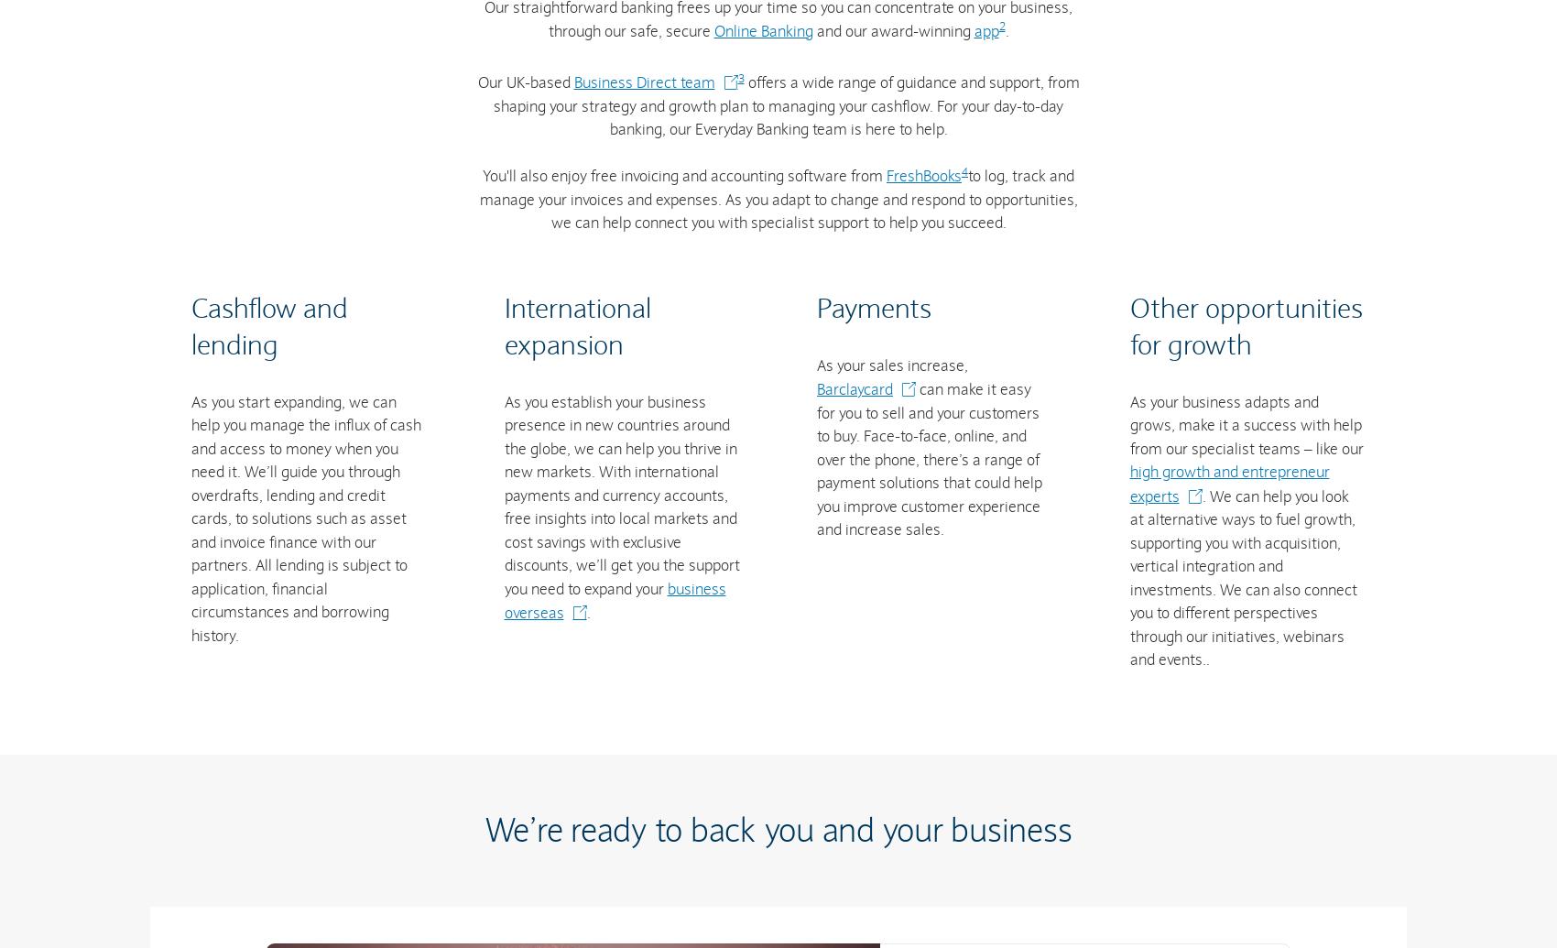  I want to click on 'PPI', so click(585, 612).